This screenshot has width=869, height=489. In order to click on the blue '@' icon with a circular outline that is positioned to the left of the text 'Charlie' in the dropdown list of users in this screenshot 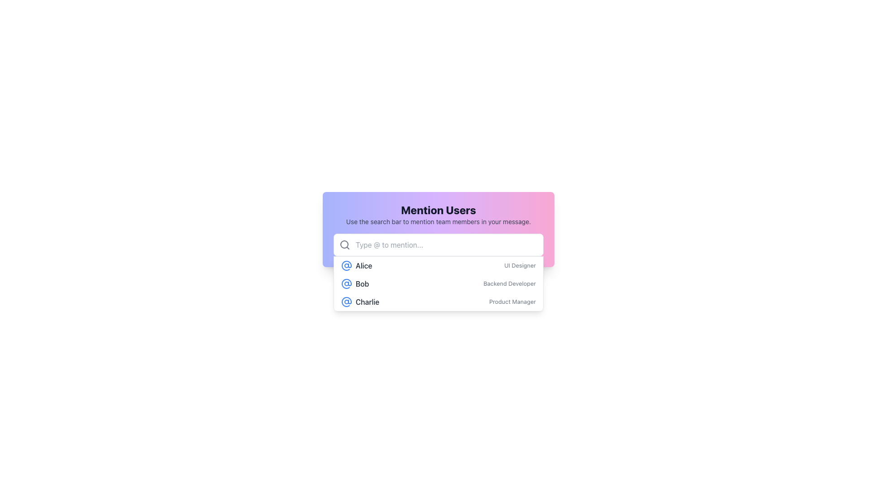, I will do `click(346, 302)`.